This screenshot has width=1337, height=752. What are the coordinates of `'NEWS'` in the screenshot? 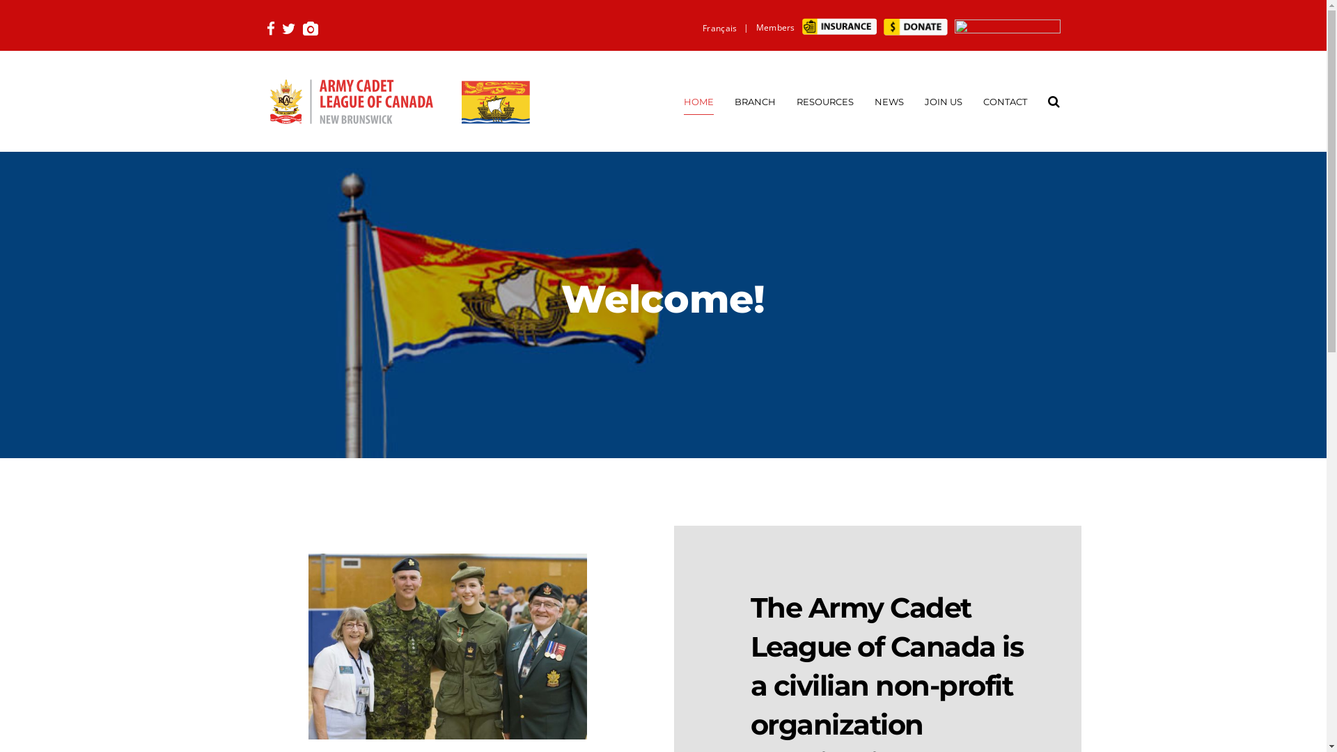 It's located at (888, 100).